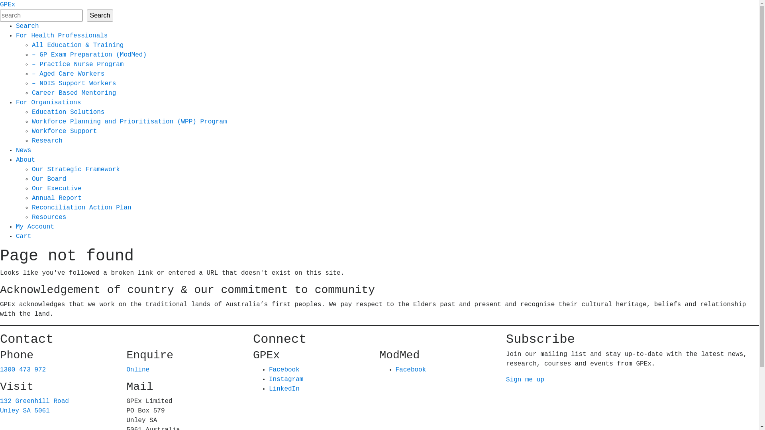 The width and height of the screenshot is (765, 430). Describe the element at coordinates (49, 179) in the screenshot. I see `'Our Board'` at that location.